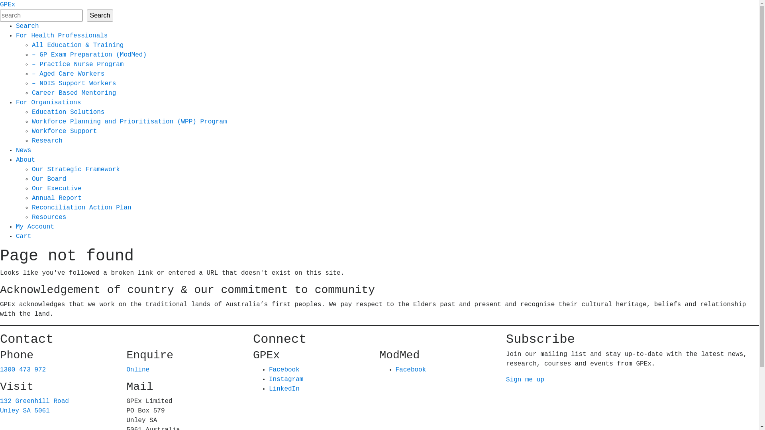 The width and height of the screenshot is (765, 430). Describe the element at coordinates (49, 179) in the screenshot. I see `'Our Board'` at that location.